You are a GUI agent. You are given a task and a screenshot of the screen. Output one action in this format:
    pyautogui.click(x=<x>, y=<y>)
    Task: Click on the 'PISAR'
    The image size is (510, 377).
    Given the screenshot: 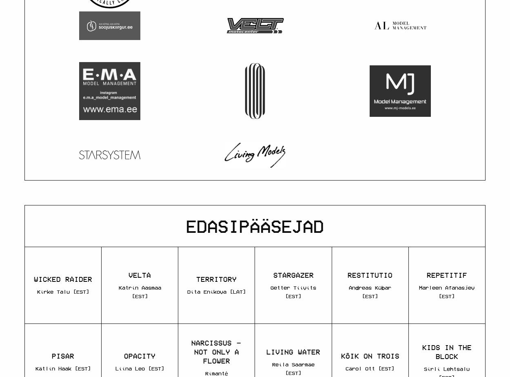 What is the action you would take?
    pyautogui.click(x=63, y=355)
    